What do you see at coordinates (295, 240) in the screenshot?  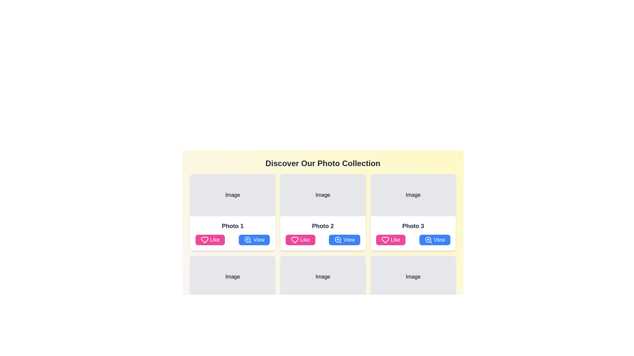 I see `the pink heart icon within the 'Like' button below the 'Photo 2' card to receive action feedback` at bounding box center [295, 240].